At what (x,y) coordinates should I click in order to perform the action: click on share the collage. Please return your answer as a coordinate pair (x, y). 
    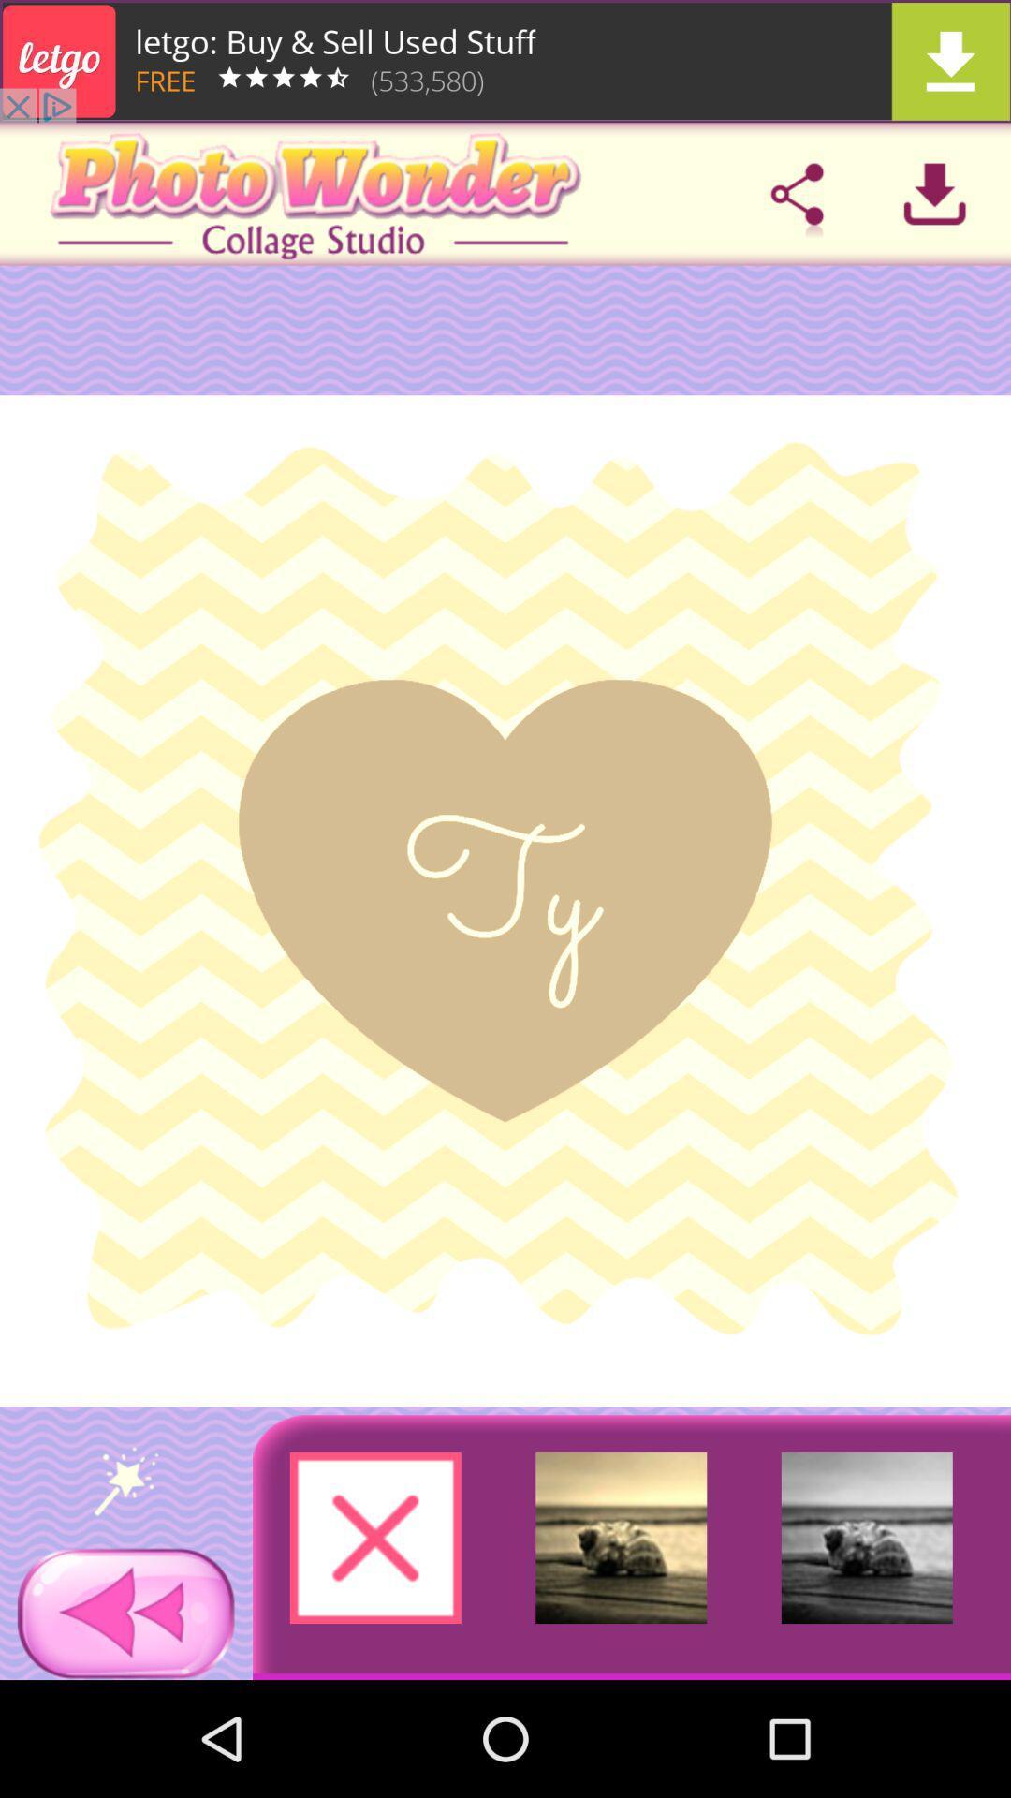
    Looking at the image, I should click on (797, 194).